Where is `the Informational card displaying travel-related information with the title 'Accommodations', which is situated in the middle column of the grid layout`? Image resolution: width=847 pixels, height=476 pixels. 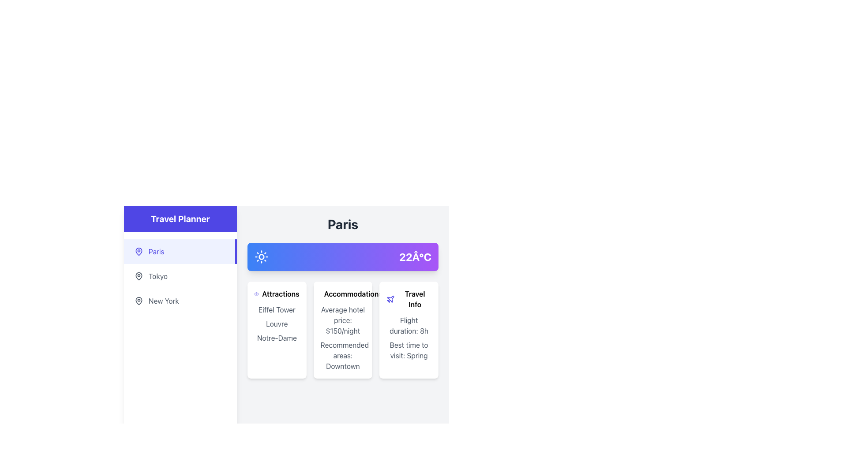 the Informational card displaying travel-related information with the title 'Accommodations', which is situated in the middle column of the grid layout is located at coordinates (342, 330).